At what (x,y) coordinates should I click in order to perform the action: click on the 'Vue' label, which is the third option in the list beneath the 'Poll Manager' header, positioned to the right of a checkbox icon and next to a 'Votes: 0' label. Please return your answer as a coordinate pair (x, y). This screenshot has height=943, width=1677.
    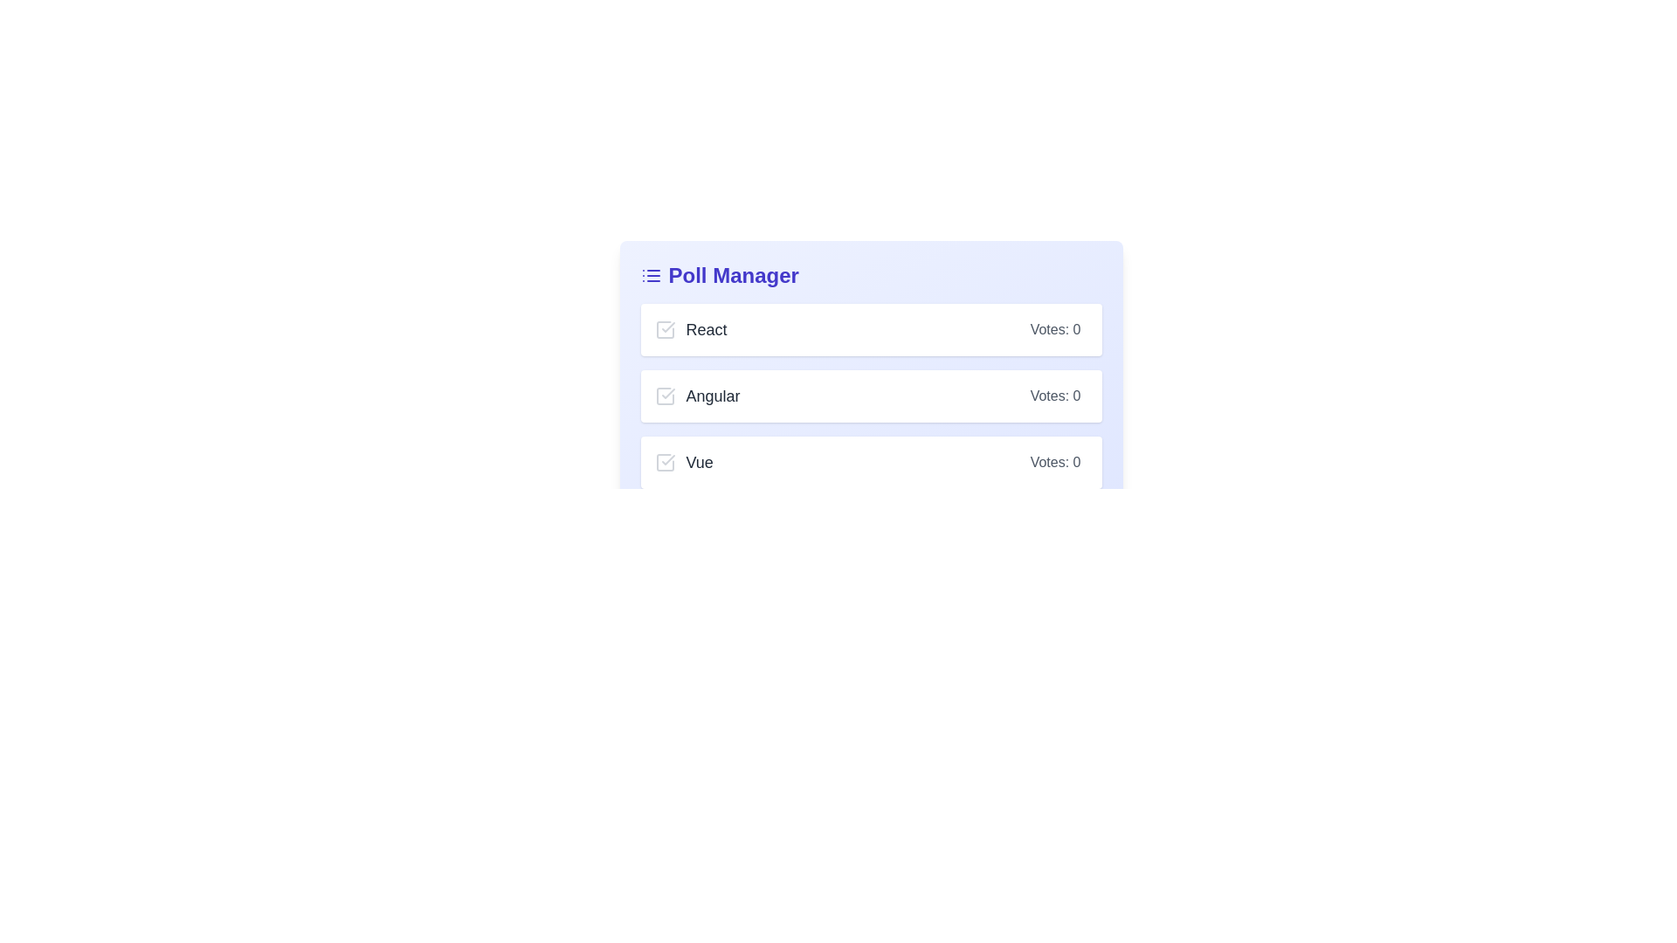
    Looking at the image, I should click on (683, 461).